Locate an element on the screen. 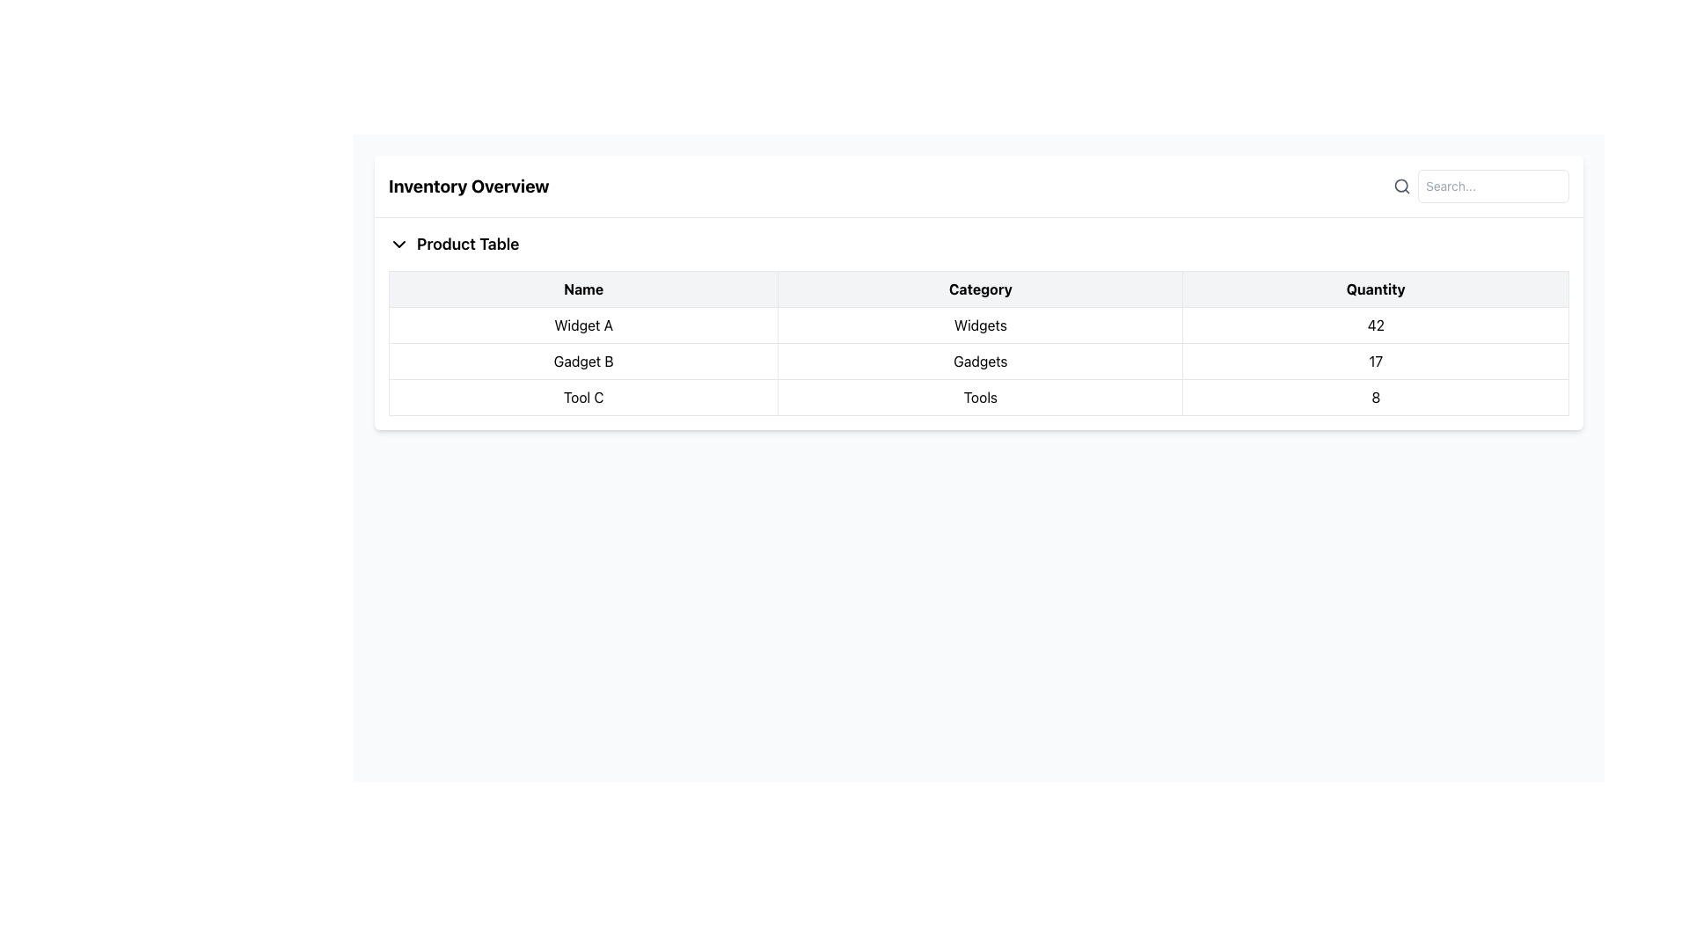  the text '17' in the Quantity column for Gadget B is located at coordinates (1375, 361).